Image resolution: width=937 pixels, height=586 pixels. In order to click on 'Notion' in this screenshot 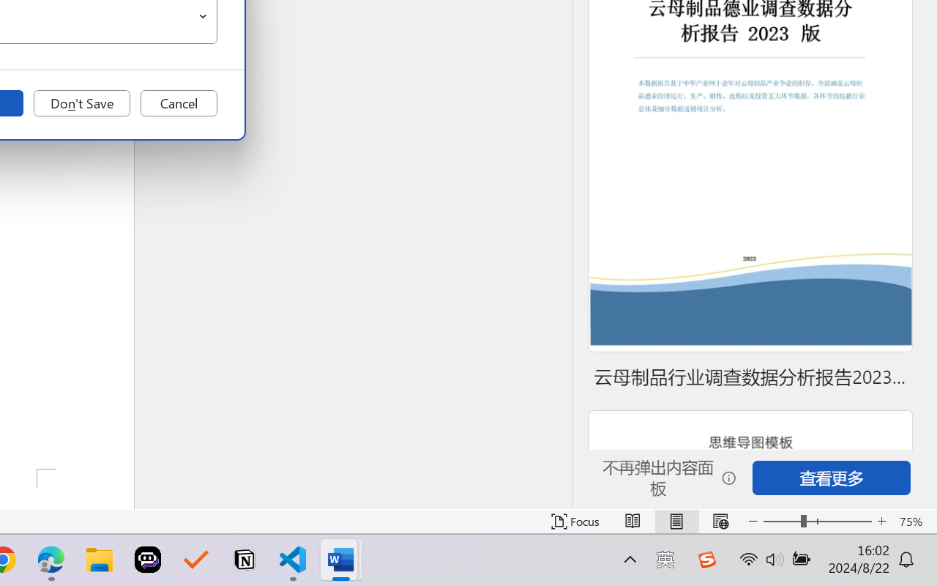, I will do `click(244, 560)`.